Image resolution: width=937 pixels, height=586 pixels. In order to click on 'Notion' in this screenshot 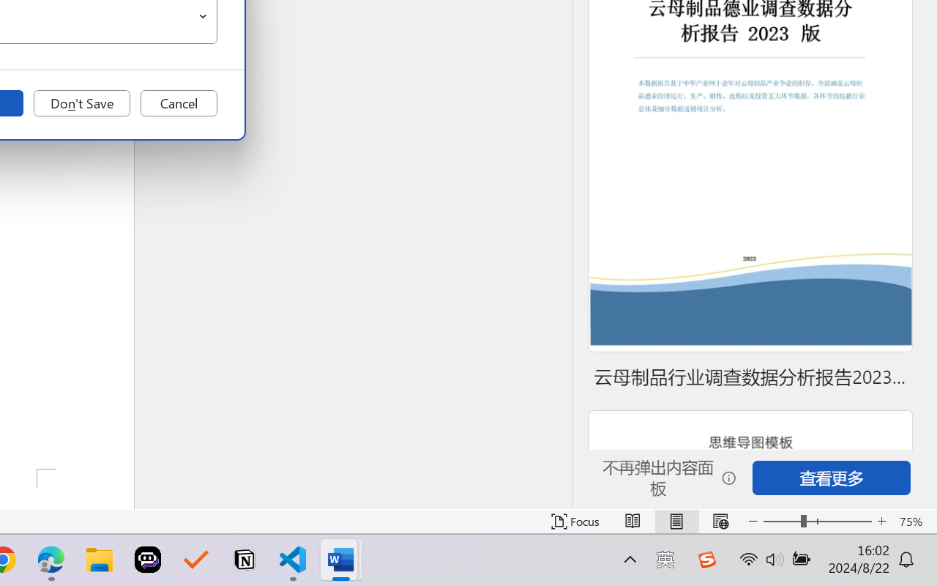, I will do `click(244, 560)`.